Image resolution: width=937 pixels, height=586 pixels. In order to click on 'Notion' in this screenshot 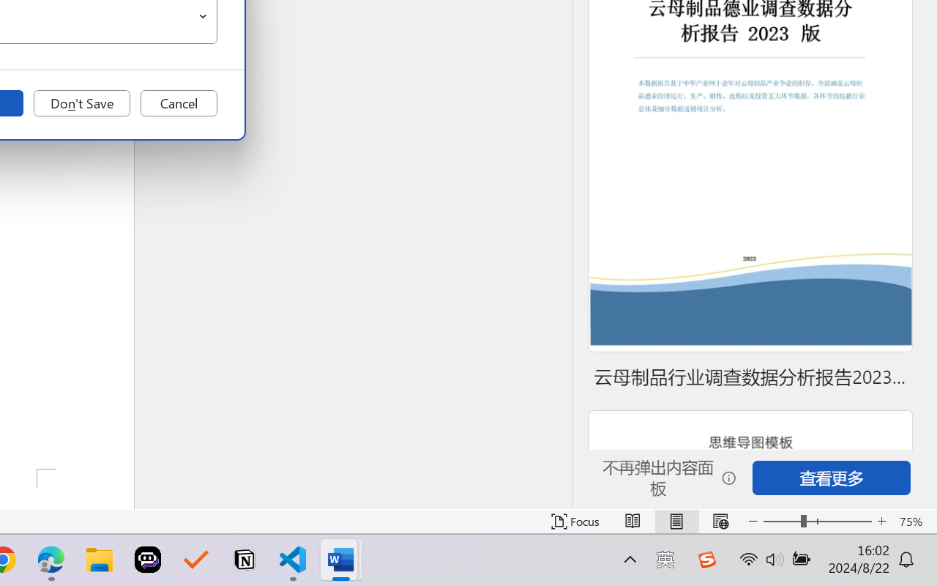, I will do `click(244, 560)`.